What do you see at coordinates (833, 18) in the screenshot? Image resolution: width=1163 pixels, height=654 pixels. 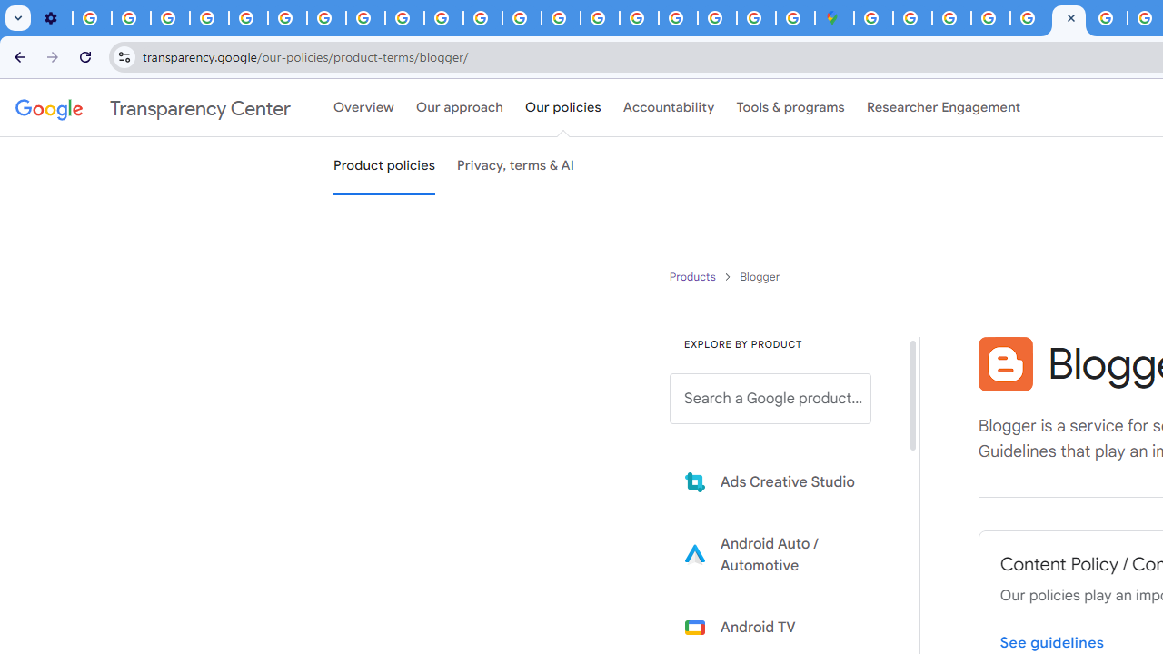 I see `'Google Maps'` at bounding box center [833, 18].